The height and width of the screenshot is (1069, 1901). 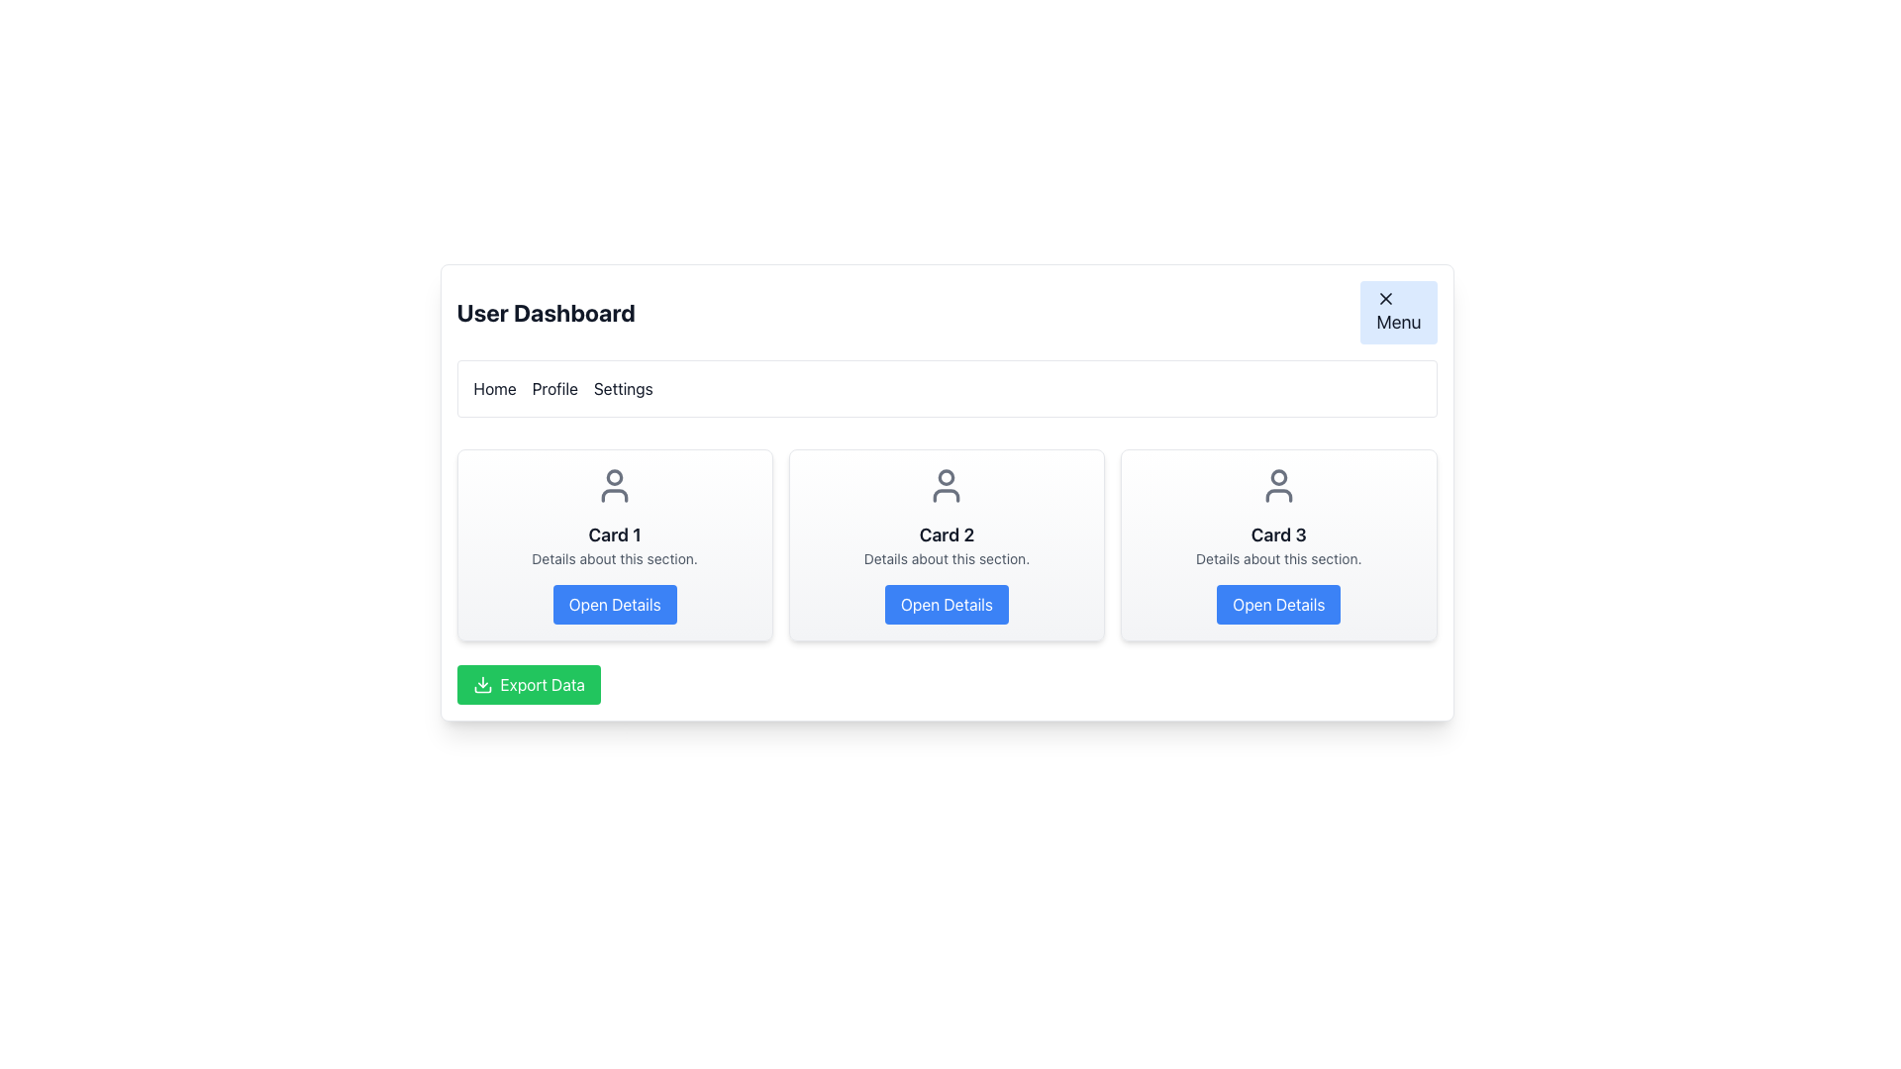 What do you see at coordinates (614, 558) in the screenshot?
I see `the static text stating 'Details about this section.'` at bounding box center [614, 558].